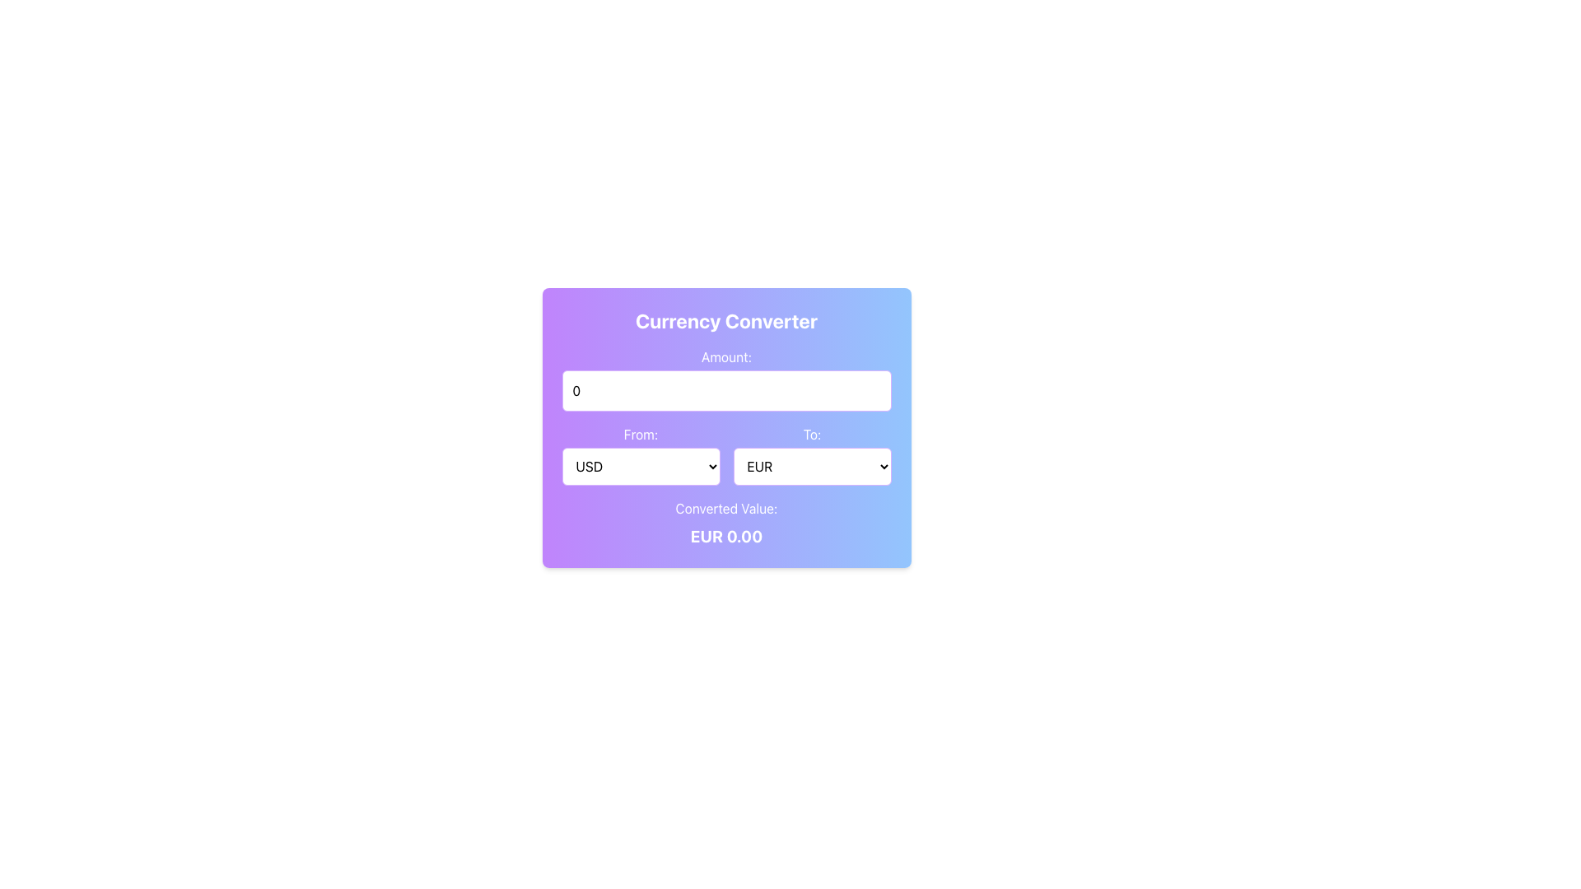 The image size is (1581, 889). What do you see at coordinates (812, 434) in the screenshot?
I see `the label that indicates the purpose of the adjacent input field, which is positioned to the left of the text box containing 'EURUSD'` at bounding box center [812, 434].